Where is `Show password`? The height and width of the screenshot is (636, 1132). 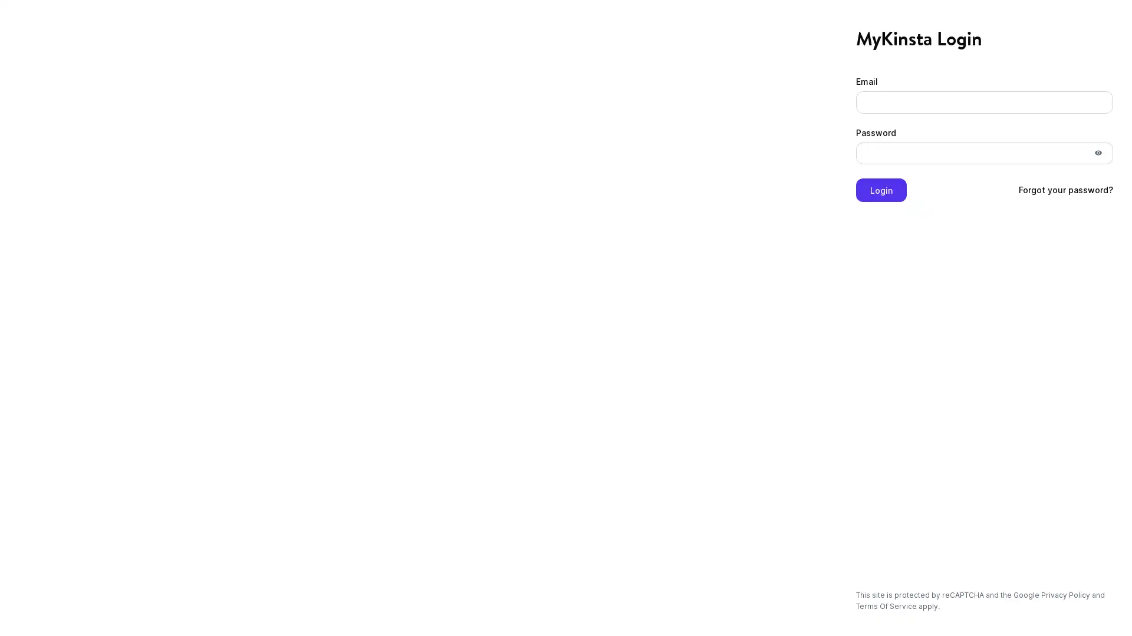 Show password is located at coordinates (1097, 154).